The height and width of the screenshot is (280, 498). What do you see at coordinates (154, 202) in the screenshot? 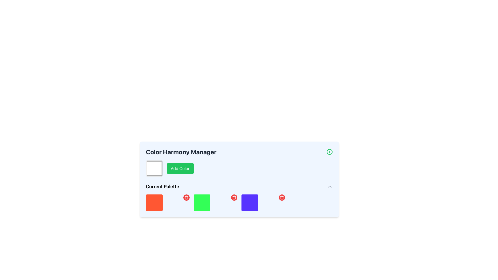
I see `the leftmost square component with a bright red background and rounded corners located below the 'Current Palette' header` at bounding box center [154, 202].